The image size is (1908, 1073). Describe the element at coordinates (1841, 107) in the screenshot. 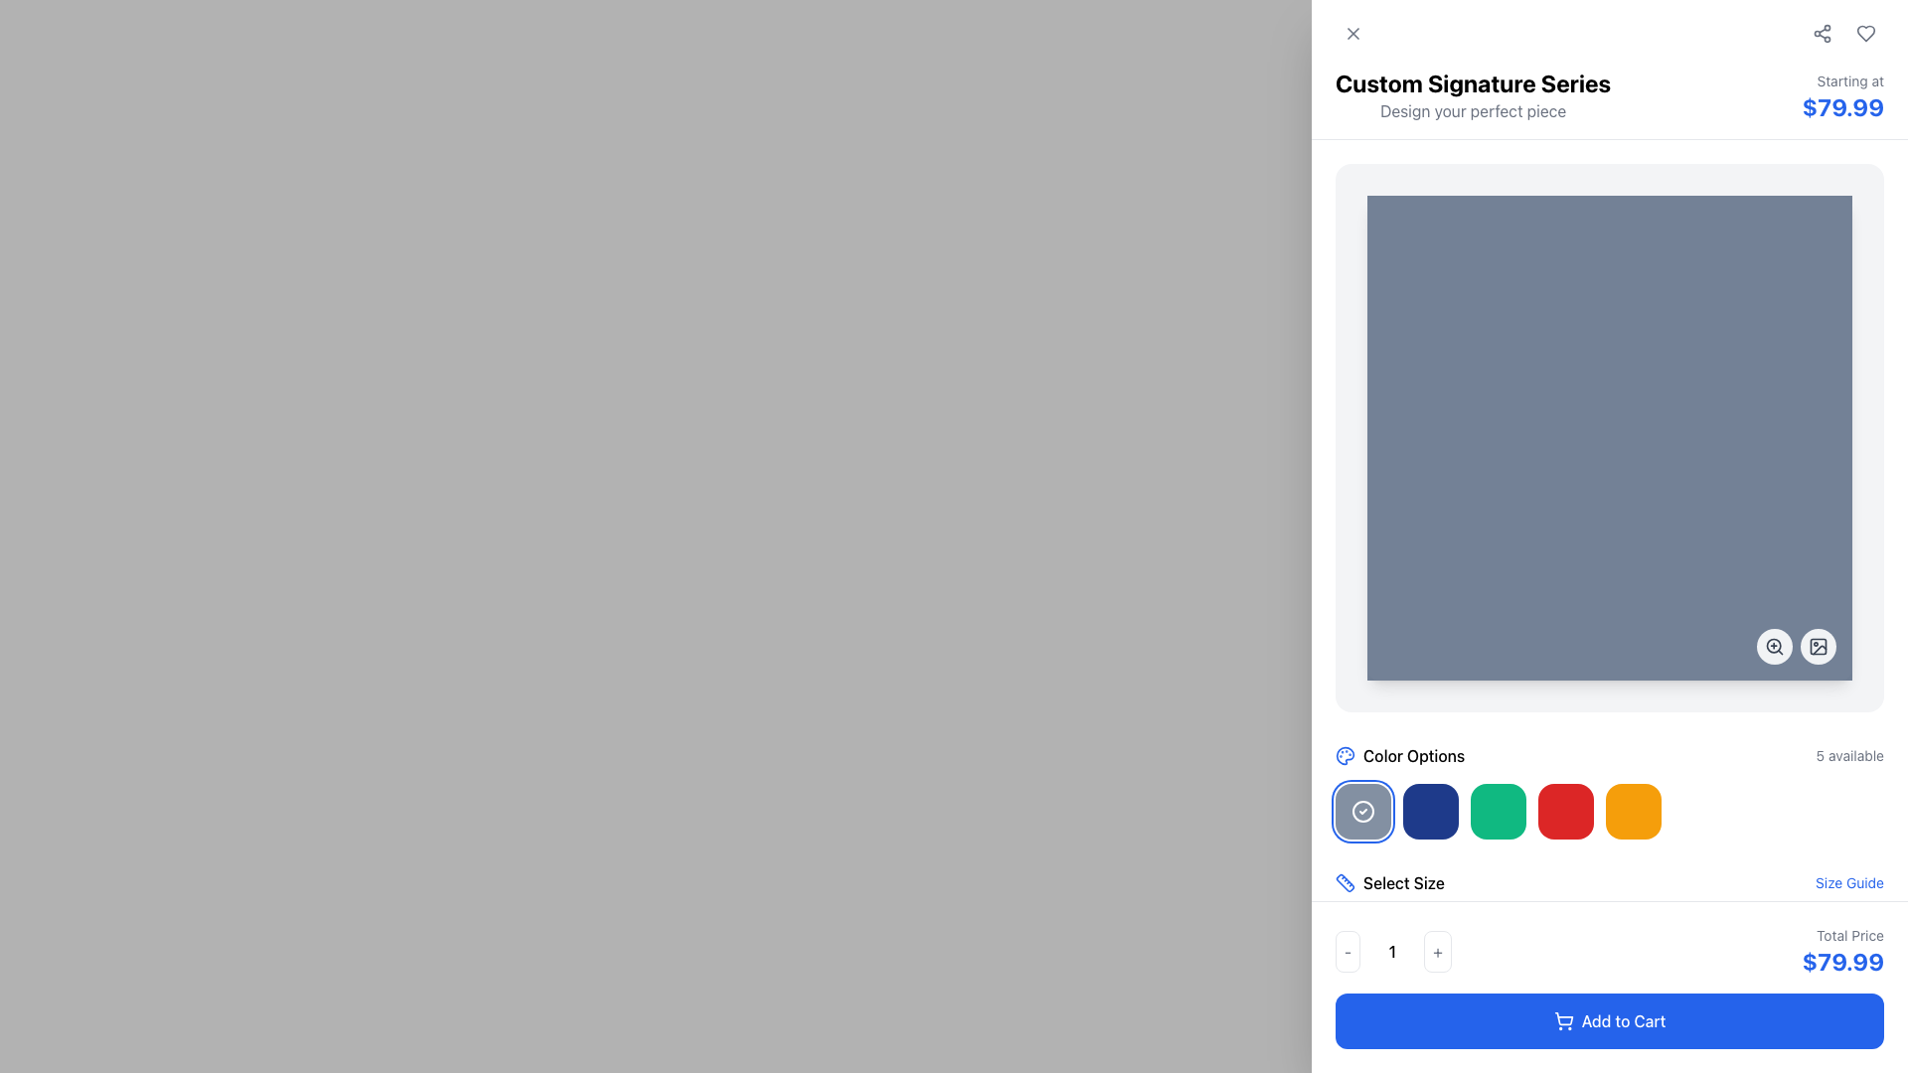

I see `pricing value displayed in the text label located in the top-right section of the webpage, immediately below the 'Starting at' text` at that location.